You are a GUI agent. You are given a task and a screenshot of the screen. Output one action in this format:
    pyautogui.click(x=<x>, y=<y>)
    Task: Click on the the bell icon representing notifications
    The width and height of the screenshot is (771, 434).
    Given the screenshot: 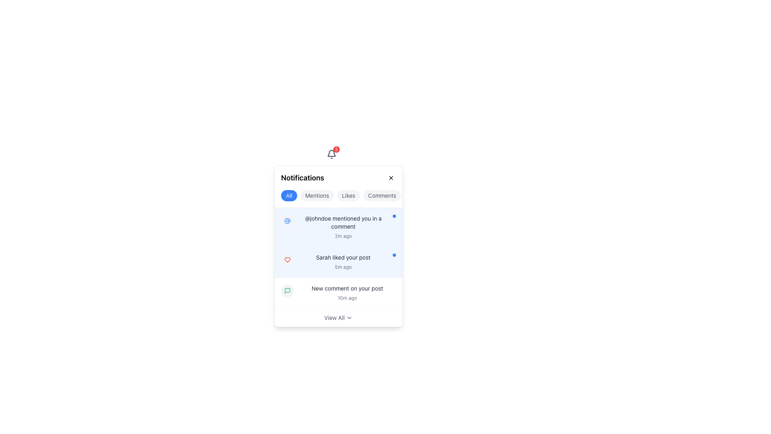 What is the action you would take?
    pyautogui.click(x=331, y=154)
    